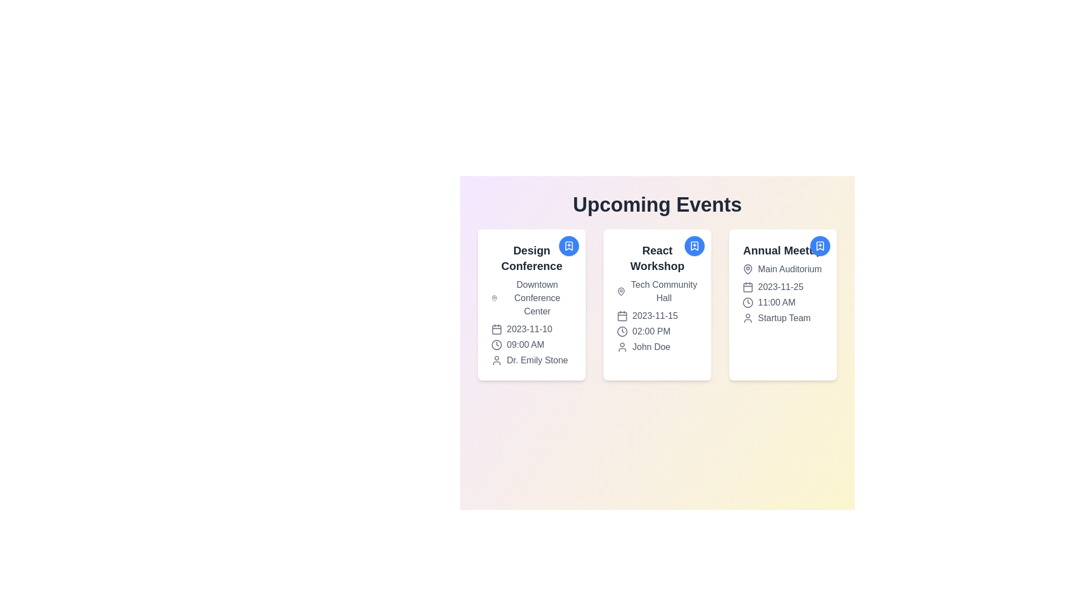 The width and height of the screenshot is (1067, 600). Describe the element at coordinates (782, 269) in the screenshot. I see `text label 'Main Auditorium' with a gray map pin icon, located within the 'Annual Meetup' card, positioned below the title and above the date information` at that location.